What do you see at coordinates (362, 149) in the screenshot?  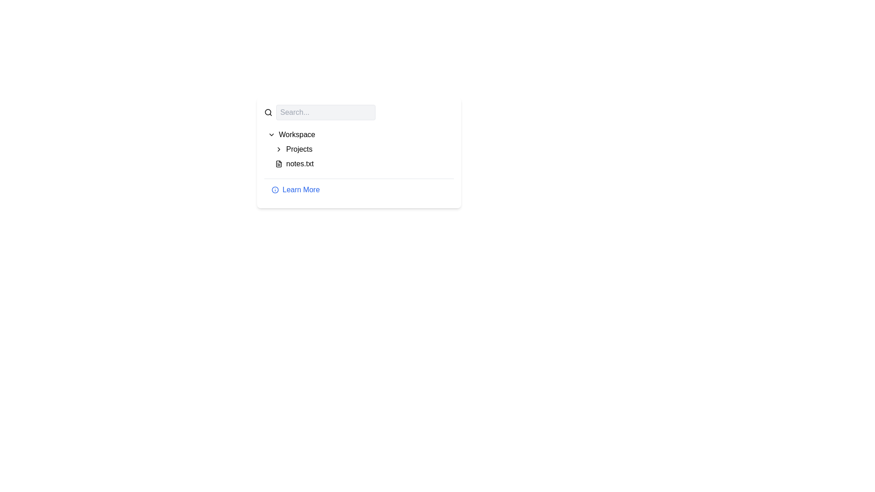 I see `the 'Projects' collapsible list item` at bounding box center [362, 149].